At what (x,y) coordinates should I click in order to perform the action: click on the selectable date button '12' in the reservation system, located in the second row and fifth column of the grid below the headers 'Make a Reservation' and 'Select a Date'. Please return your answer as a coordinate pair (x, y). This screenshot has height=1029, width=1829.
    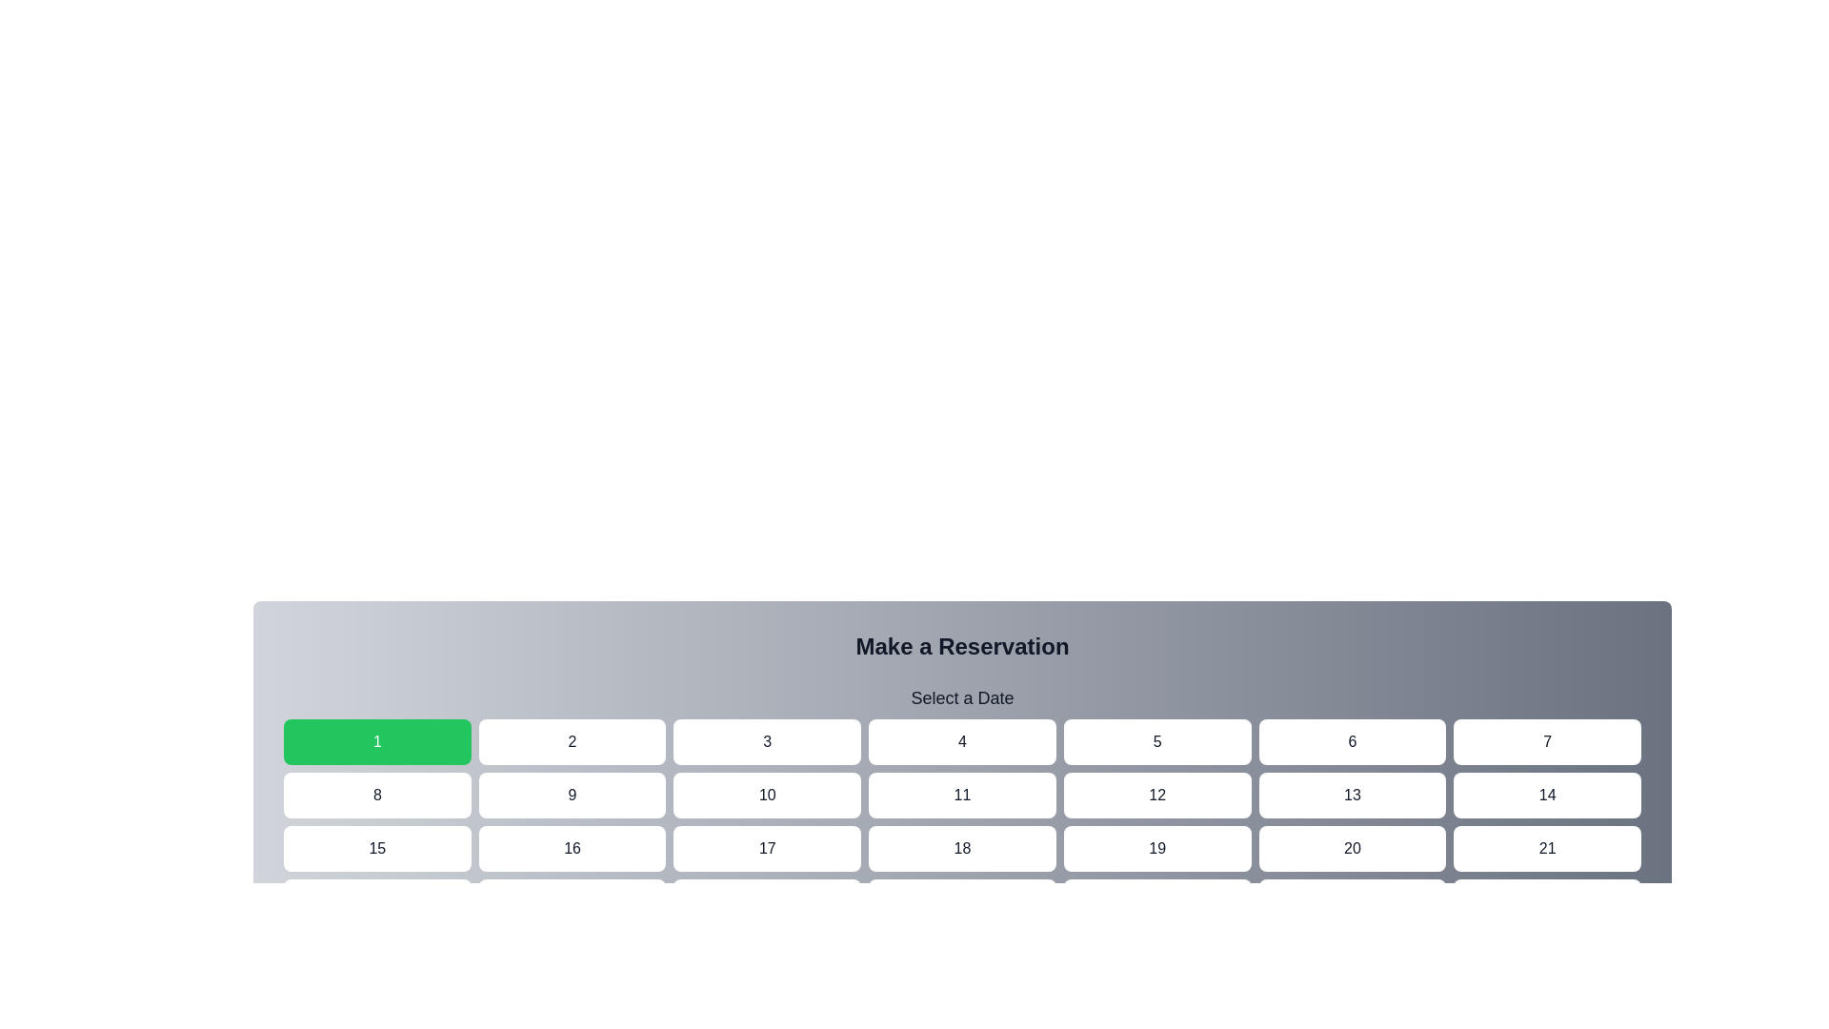
    Looking at the image, I should click on (1156, 795).